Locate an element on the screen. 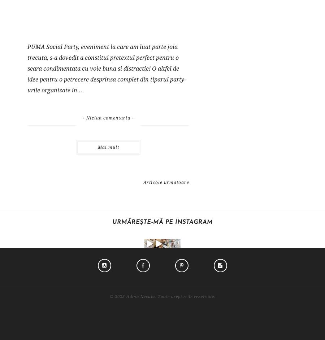 Image resolution: width=325 pixels, height=340 pixels. 'Articole' is located at coordinates (227, 262).